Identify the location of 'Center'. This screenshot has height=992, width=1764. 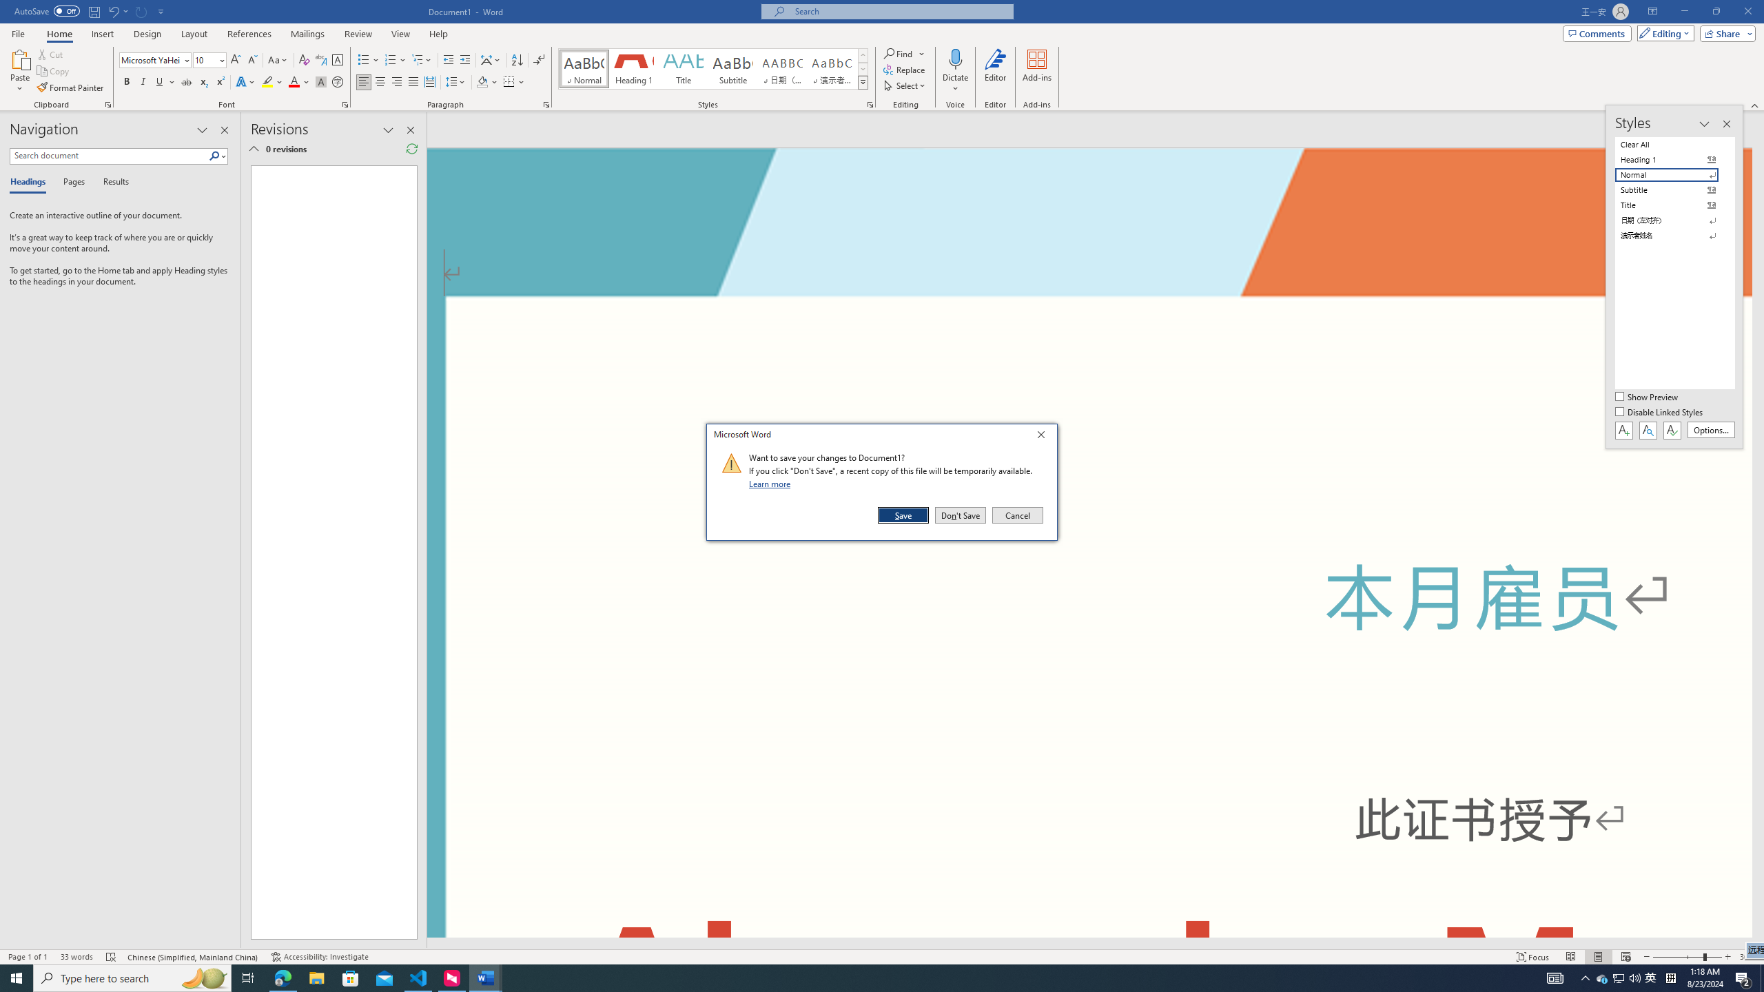
(379, 81).